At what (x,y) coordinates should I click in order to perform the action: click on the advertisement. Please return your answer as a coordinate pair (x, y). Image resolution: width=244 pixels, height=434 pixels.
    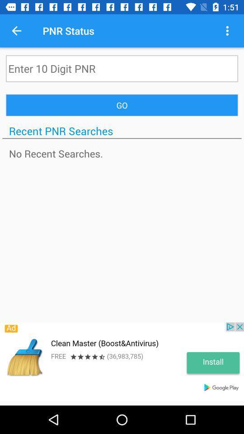
    Looking at the image, I should click on (122, 361).